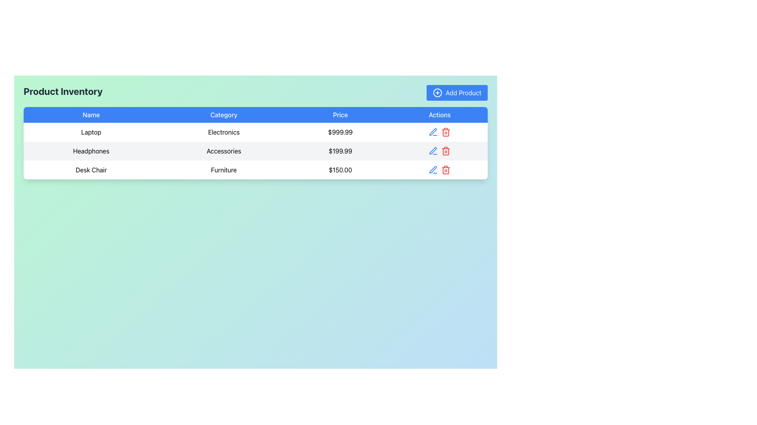 The width and height of the screenshot is (757, 425). What do you see at coordinates (446, 131) in the screenshot?
I see `the delete button icon located in the 'Actions' column of the top row of the table` at bounding box center [446, 131].